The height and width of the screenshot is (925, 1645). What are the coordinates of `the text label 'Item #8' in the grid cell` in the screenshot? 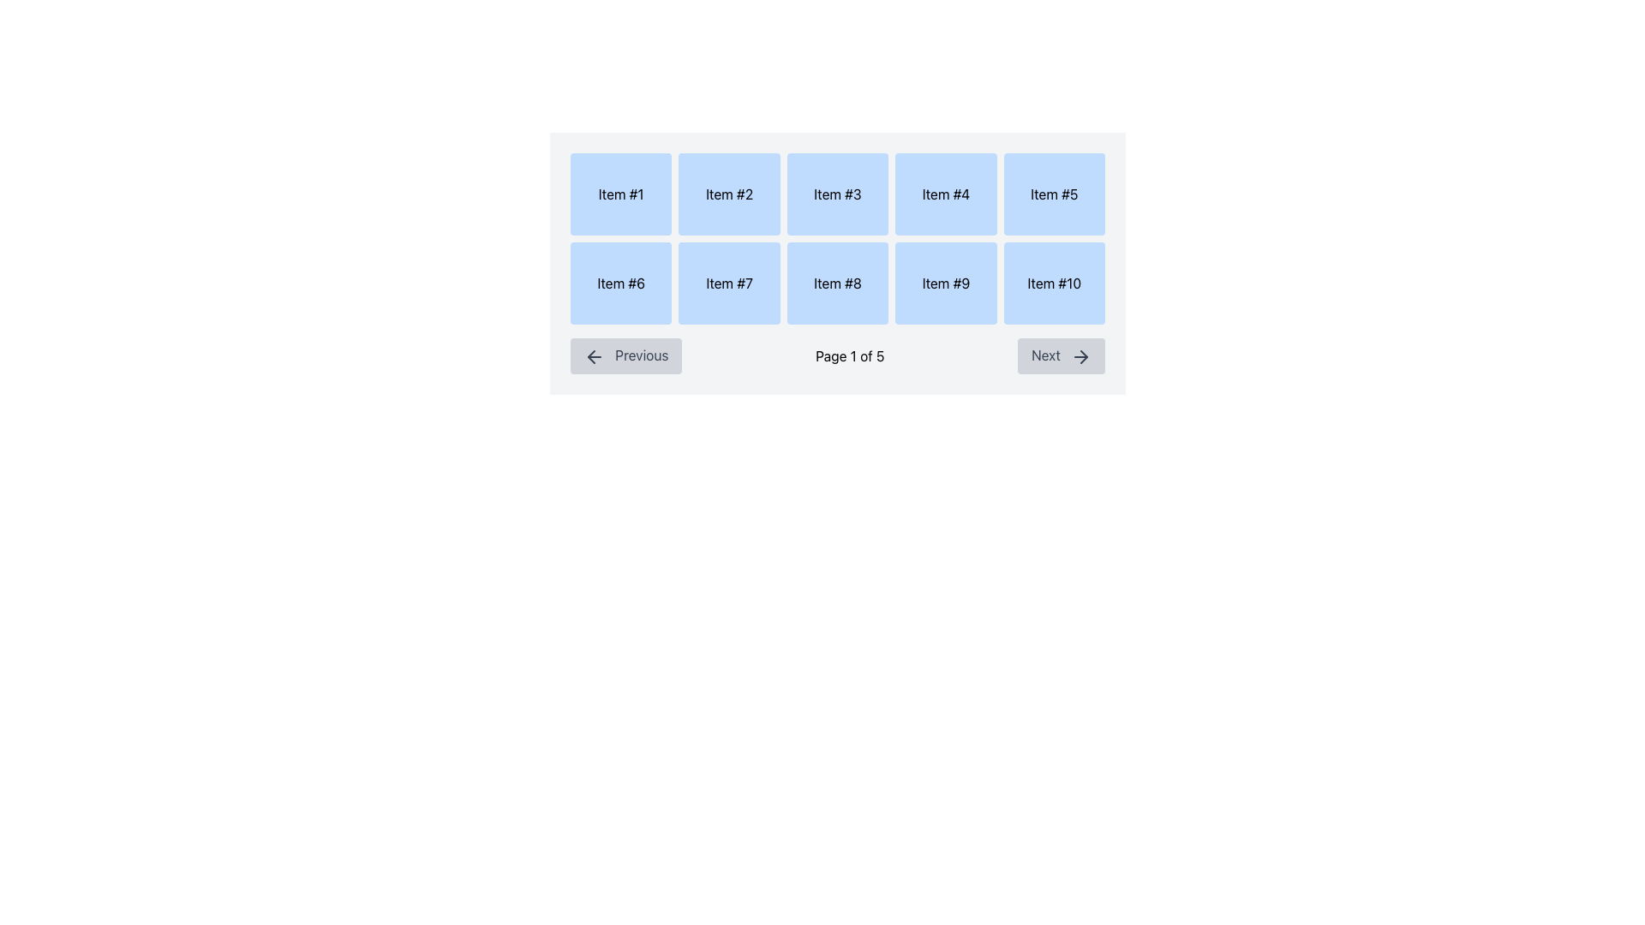 It's located at (838, 283).